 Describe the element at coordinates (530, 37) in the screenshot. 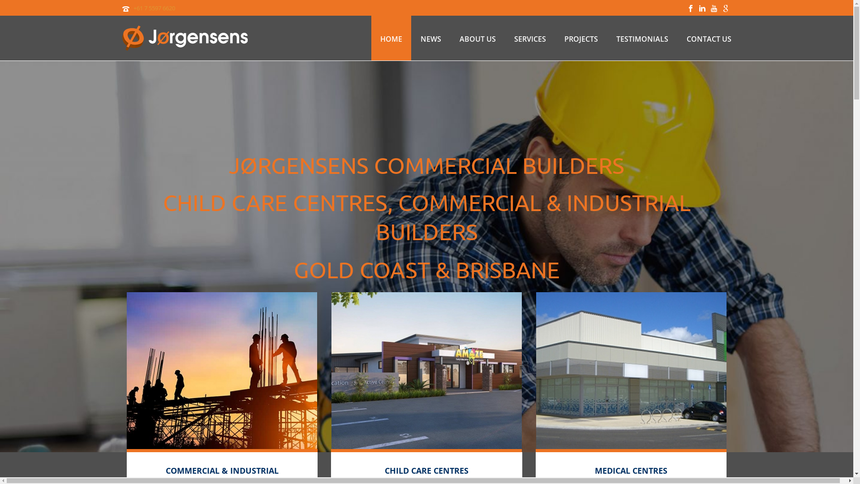

I see `'SERVICES'` at that location.